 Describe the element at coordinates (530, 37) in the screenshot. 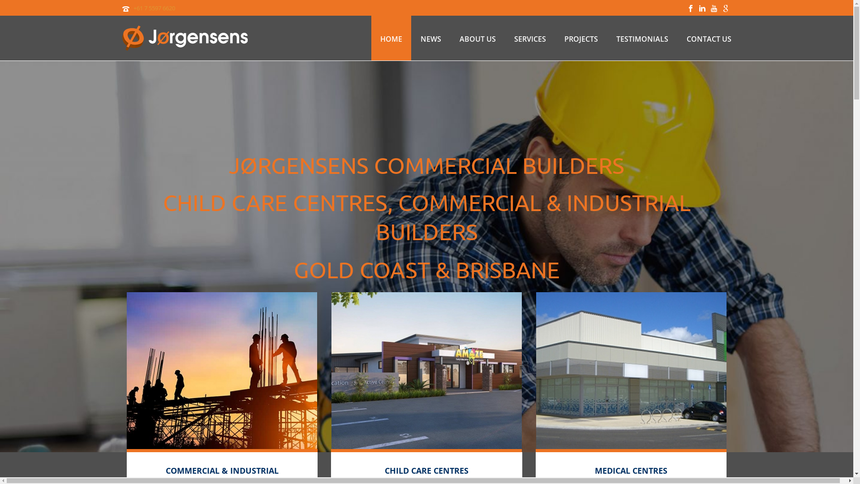

I see `'SERVICES'` at that location.